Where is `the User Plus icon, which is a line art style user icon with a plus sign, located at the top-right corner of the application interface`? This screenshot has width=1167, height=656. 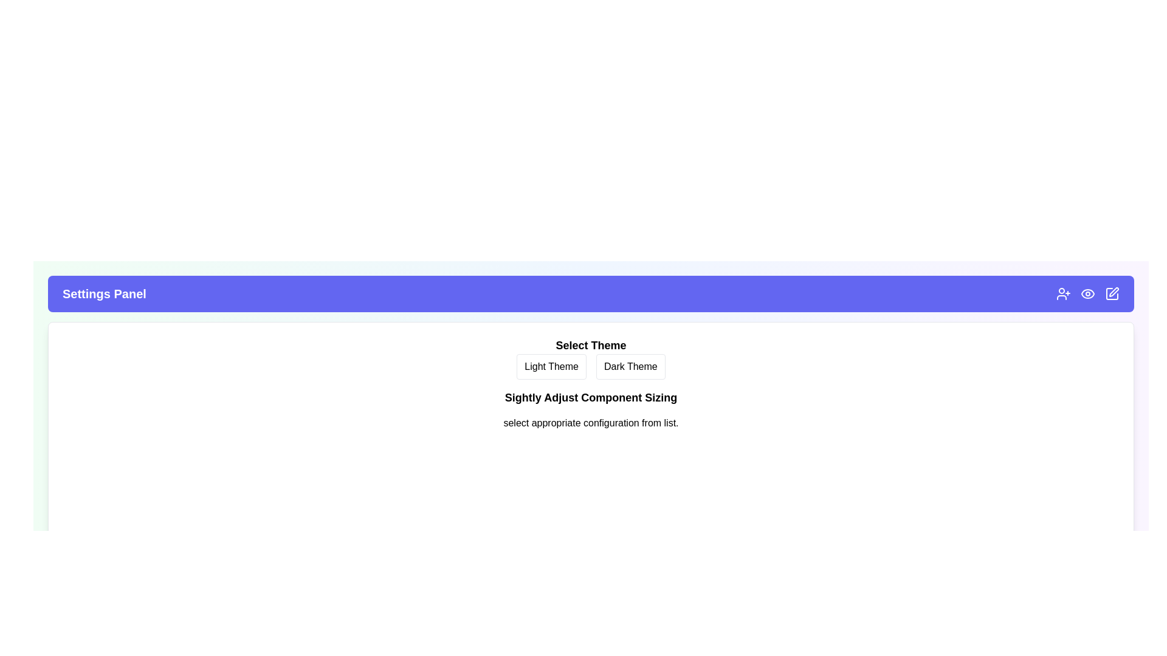 the User Plus icon, which is a line art style user icon with a plus sign, located at the top-right corner of the application interface is located at coordinates (1063, 293).